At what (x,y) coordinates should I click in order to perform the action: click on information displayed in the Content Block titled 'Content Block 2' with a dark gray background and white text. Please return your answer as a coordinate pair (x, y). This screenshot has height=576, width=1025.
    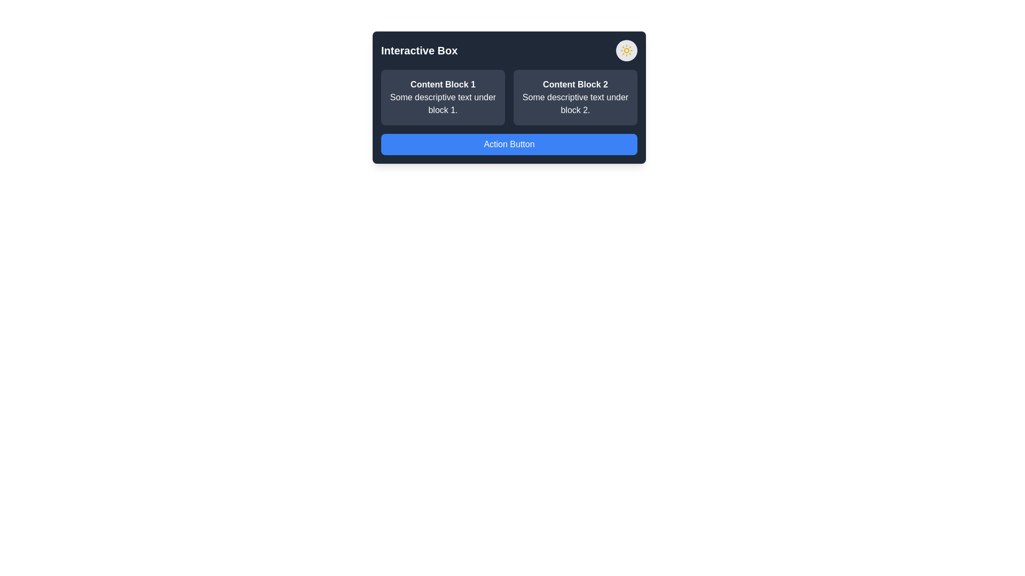
    Looking at the image, I should click on (575, 97).